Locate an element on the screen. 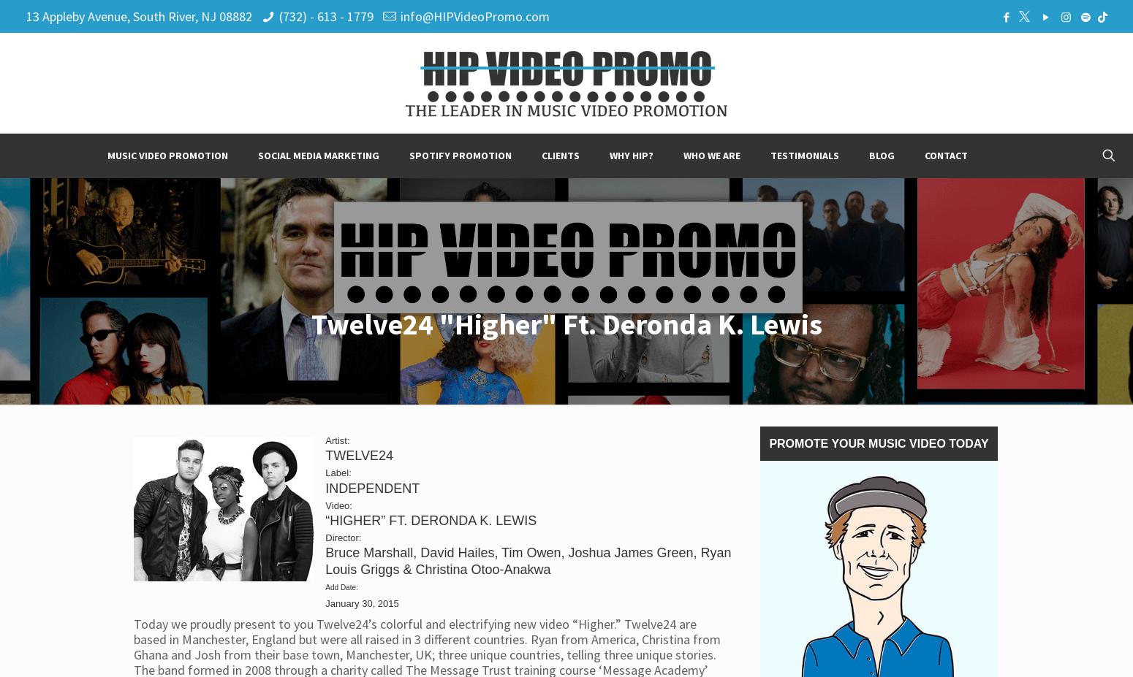  'Artist:' is located at coordinates (337, 440).